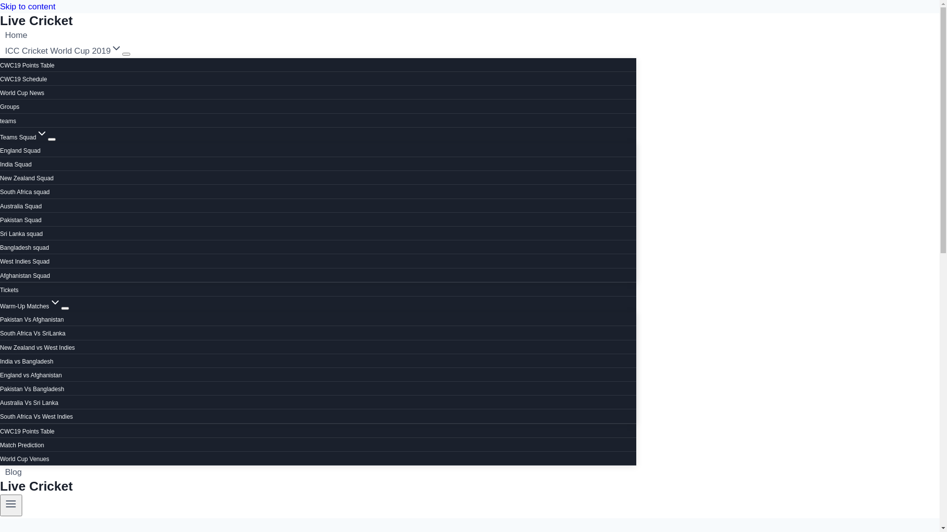  I want to click on 'England Squad', so click(20, 150).